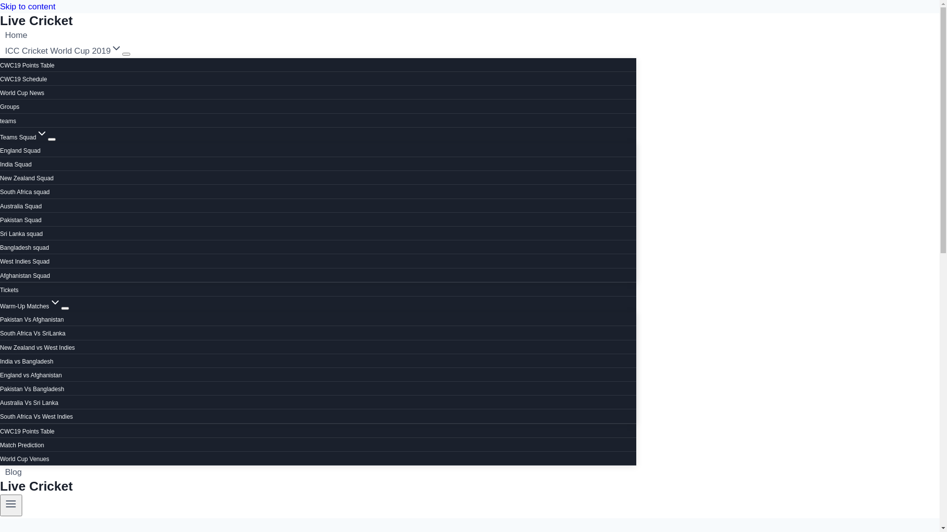  I want to click on 'England Squad', so click(20, 150).